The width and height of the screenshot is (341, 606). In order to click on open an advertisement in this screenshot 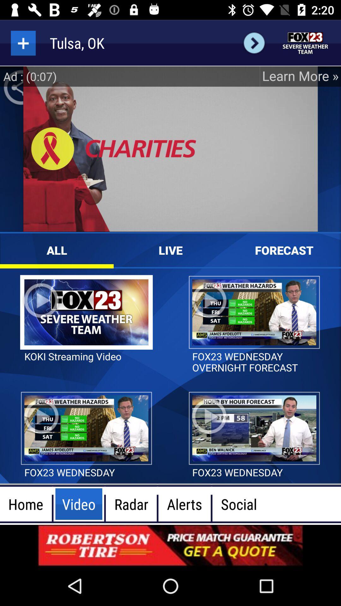, I will do `click(170, 545)`.